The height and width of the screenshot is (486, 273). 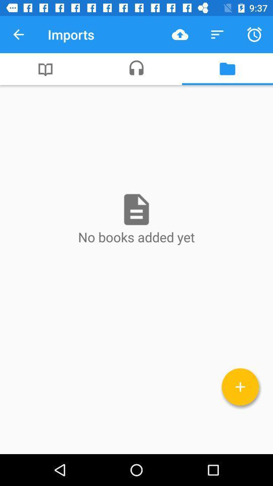 What do you see at coordinates (227, 68) in the screenshot?
I see `icon above the no books added icon` at bounding box center [227, 68].